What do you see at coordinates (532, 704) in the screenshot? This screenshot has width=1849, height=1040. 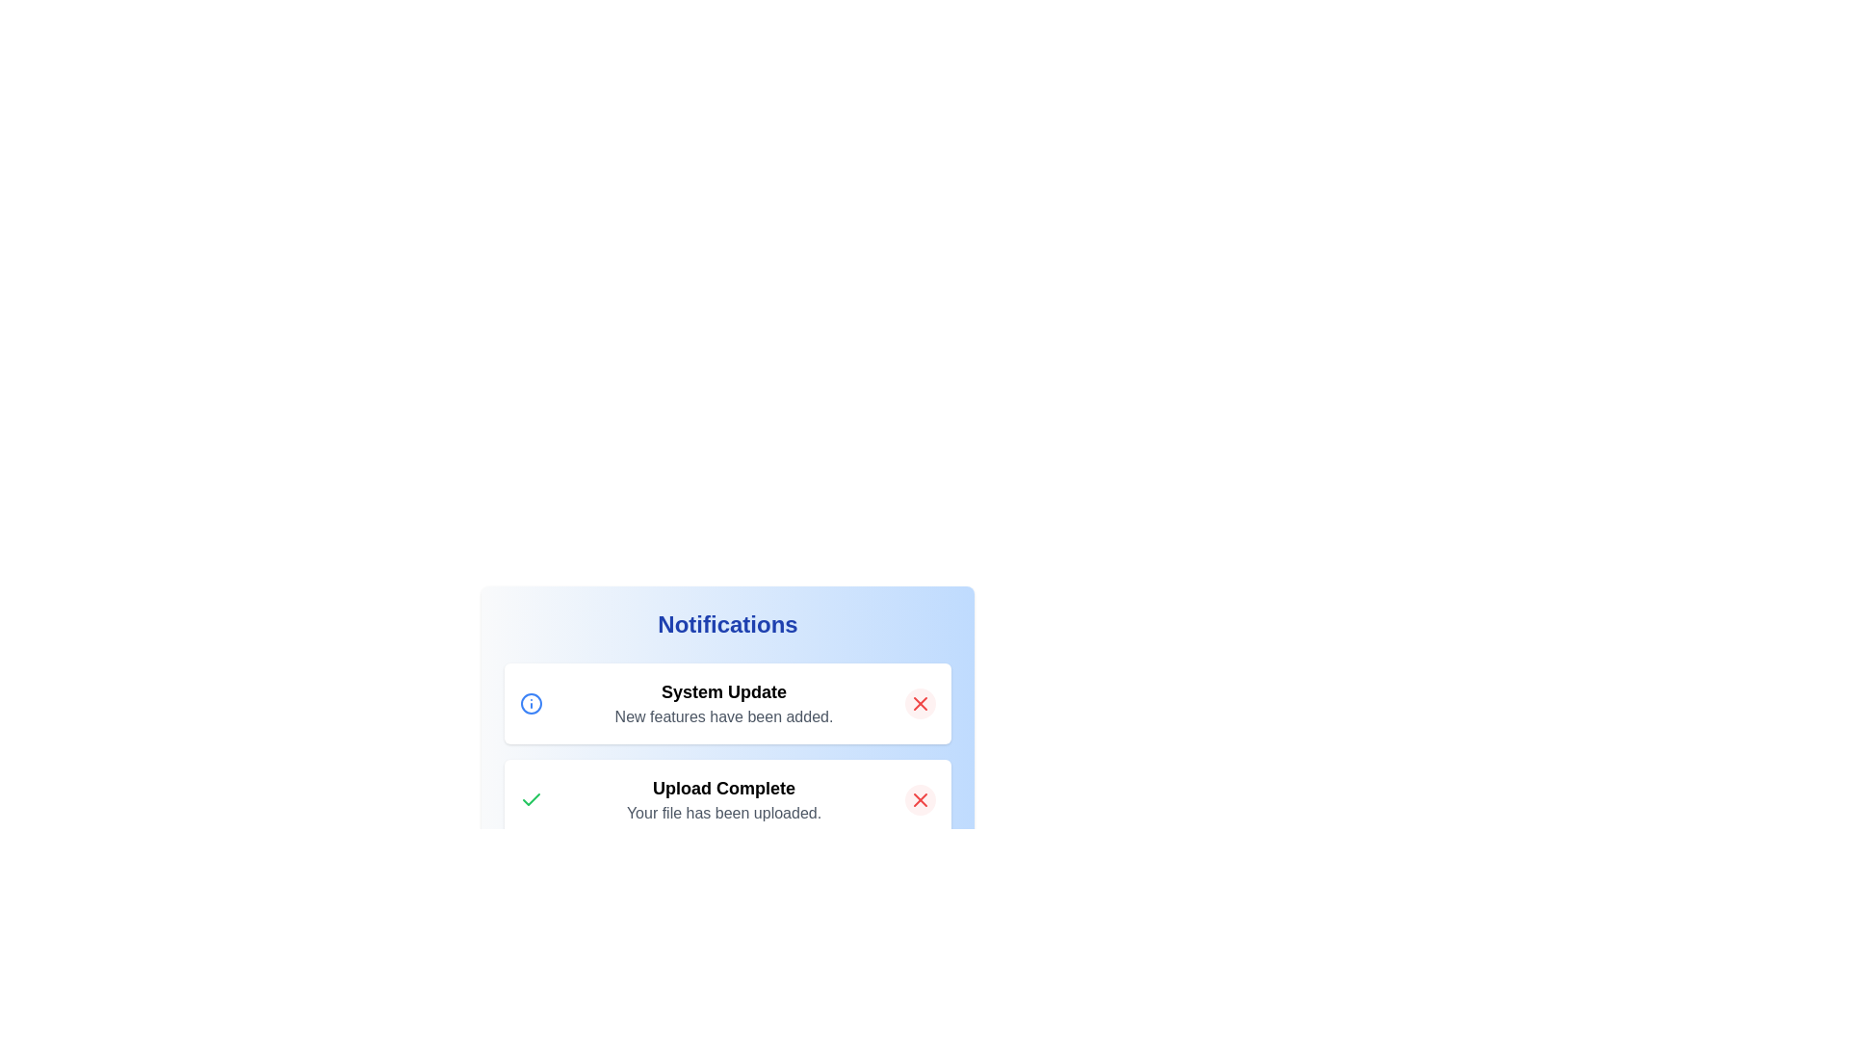 I see `the circular shape in the upper left corner of the 'System Update' notification item` at bounding box center [532, 704].